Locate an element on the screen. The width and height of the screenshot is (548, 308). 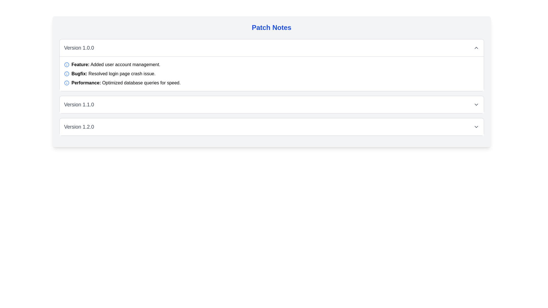
the static text label indicating the version number for the related expandable section, which is positioned between 'Version 1.0.0' and 'Version 1.2.0' is located at coordinates (79, 104).